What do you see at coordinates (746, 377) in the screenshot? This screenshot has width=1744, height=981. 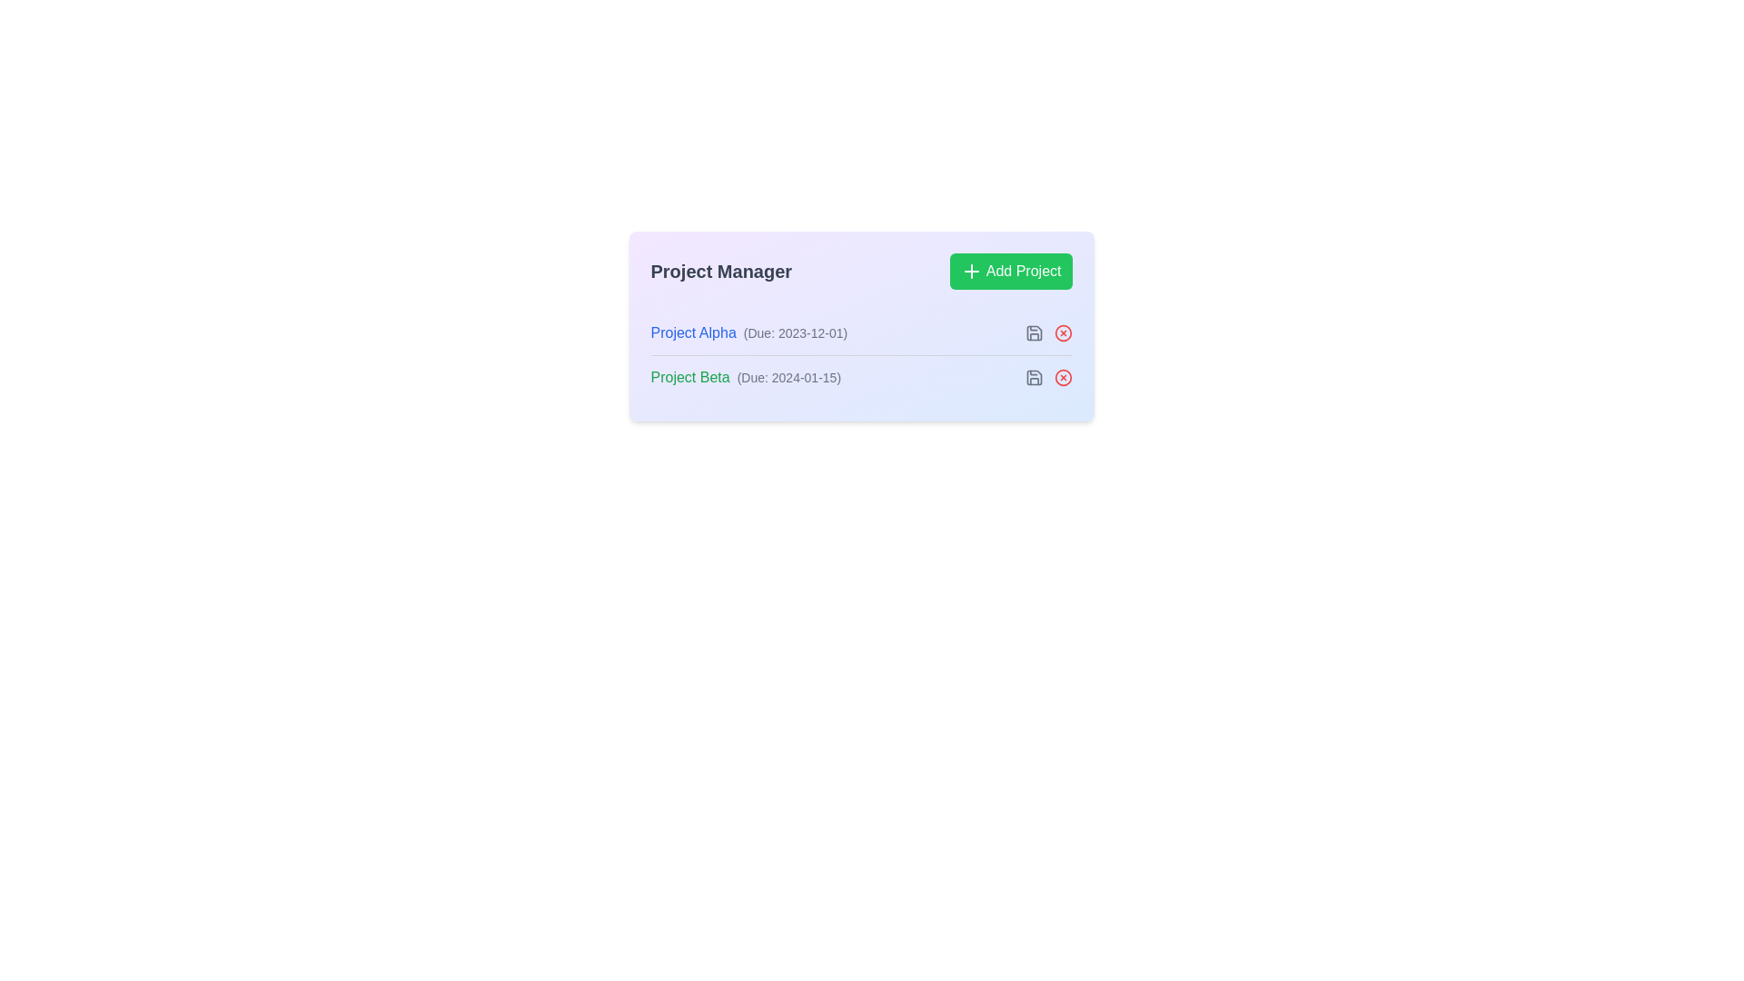 I see `the Text label conveying the name and deadline of the project located in the second row under the 'Project Manager' section, to the left of its sibling action icons beneath 'Project Alpha'` at bounding box center [746, 377].